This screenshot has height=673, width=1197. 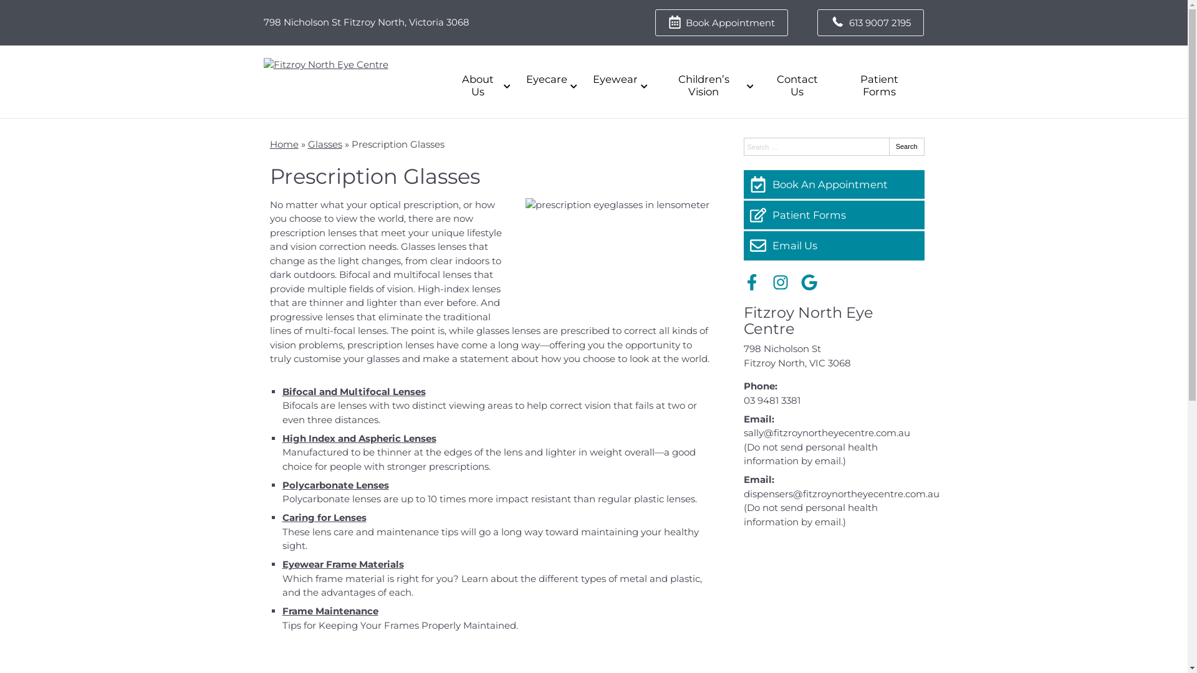 What do you see at coordinates (480, 85) in the screenshot?
I see `'About Us'` at bounding box center [480, 85].